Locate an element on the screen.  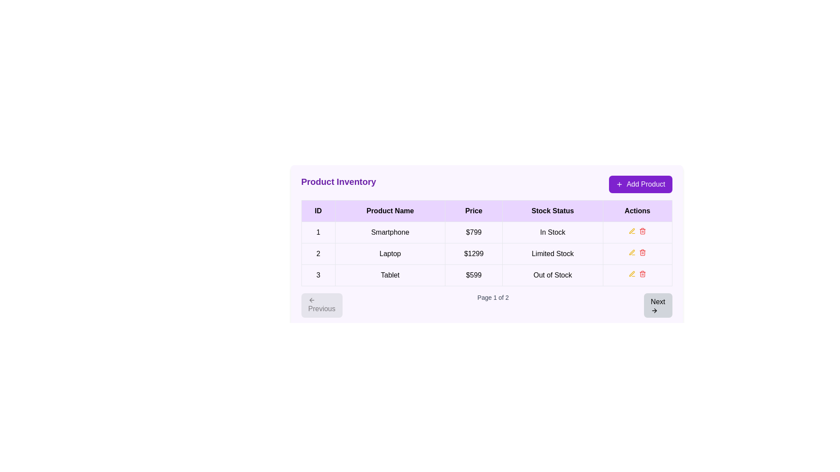
the purple 'Add Product' button with rounded corners, which includes a plus sign icon and white text is located at coordinates (640, 184).